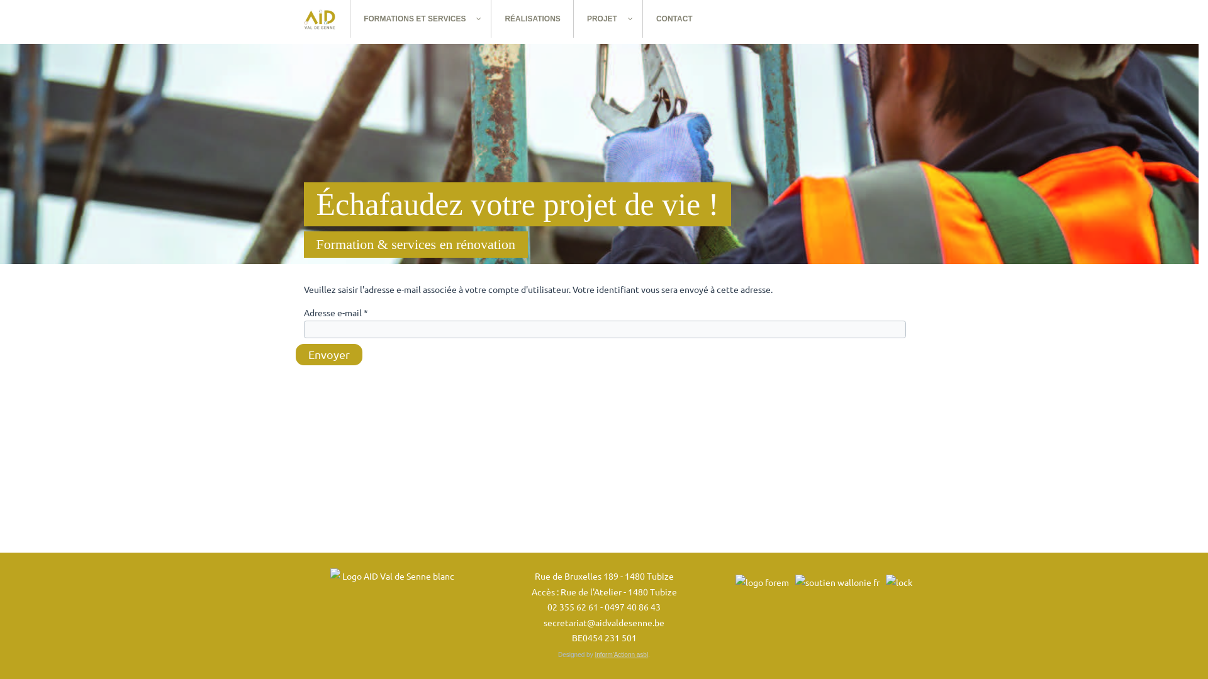 The height and width of the screenshot is (679, 1208). What do you see at coordinates (604, 621) in the screenshot?
I see `'secretariat@aidvaldesenne.be'` at bounding box center [604, 621].